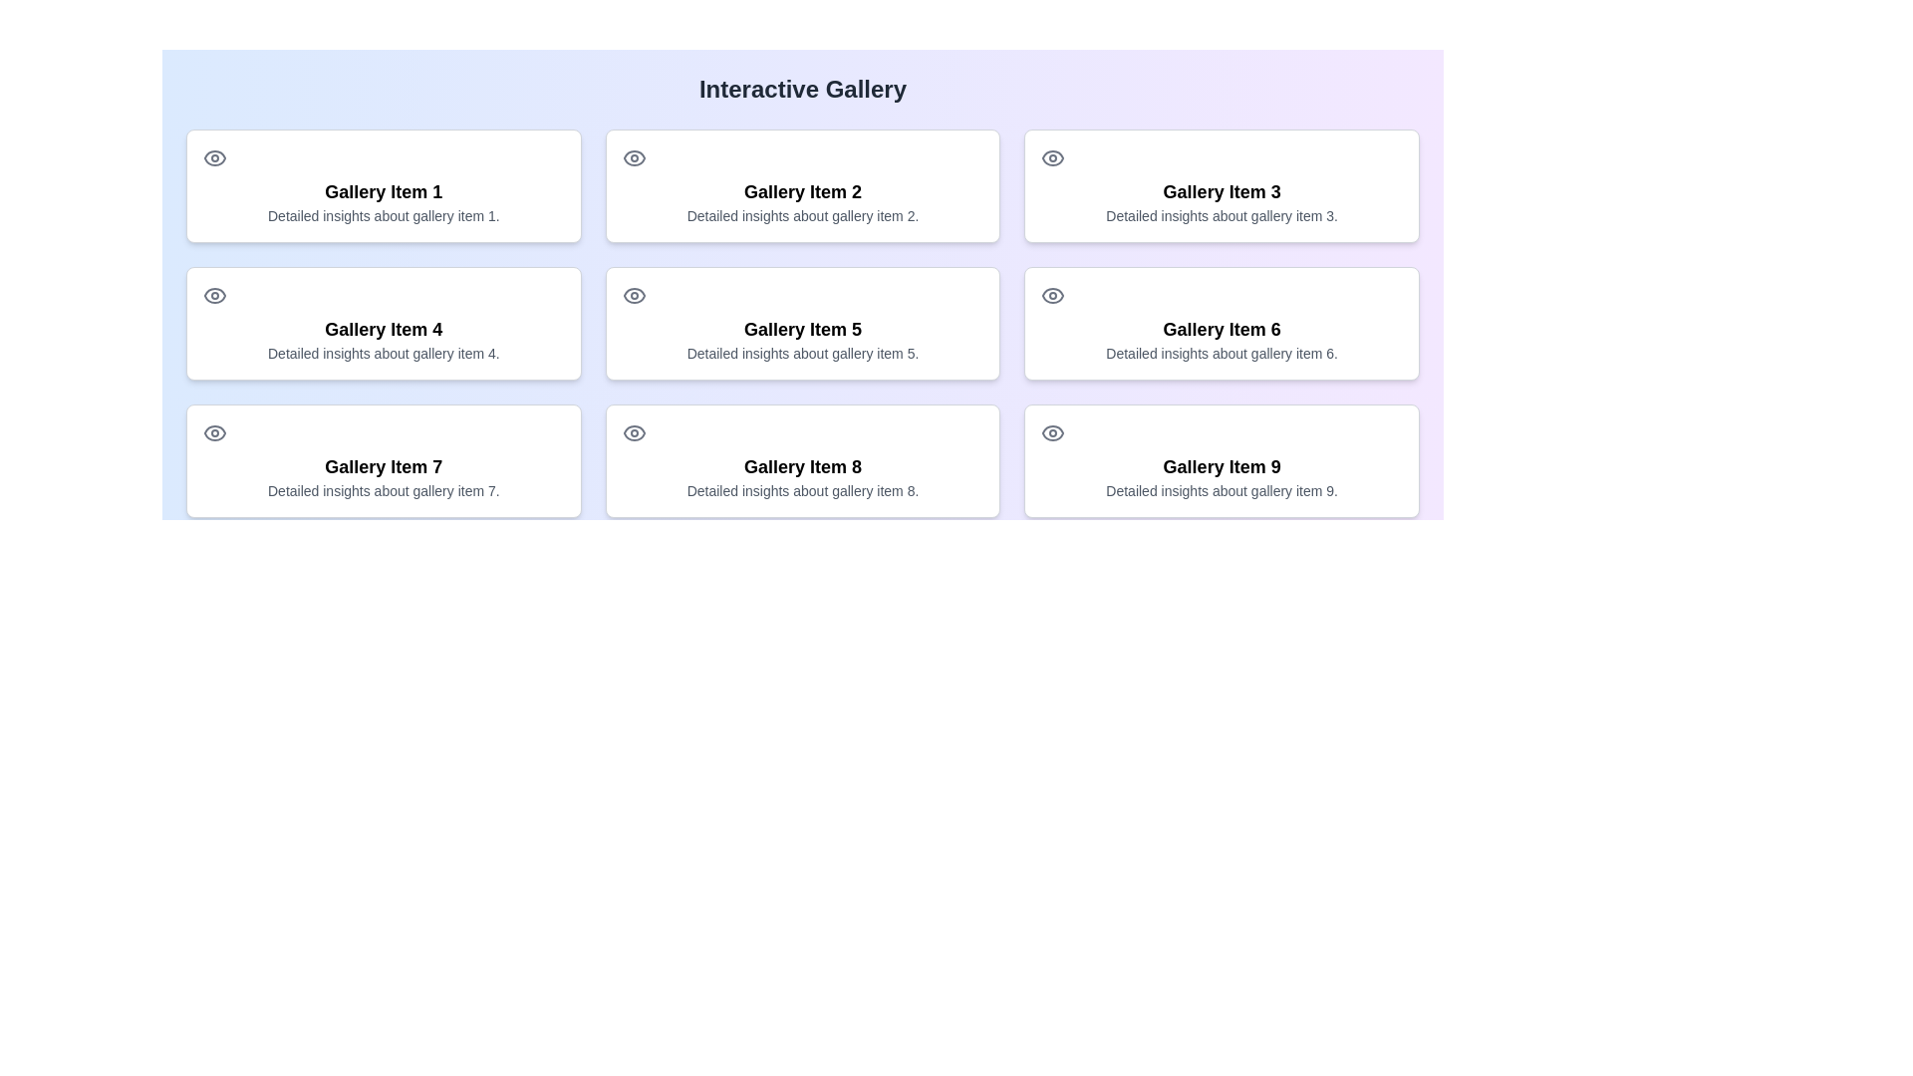 The width and height of the screenshot is (1913, 1076). I want to click on the text label that serves as the title for 'Gallery Item 3', located in the second column of the top row of the interactive gallery, so click(1221, 191).